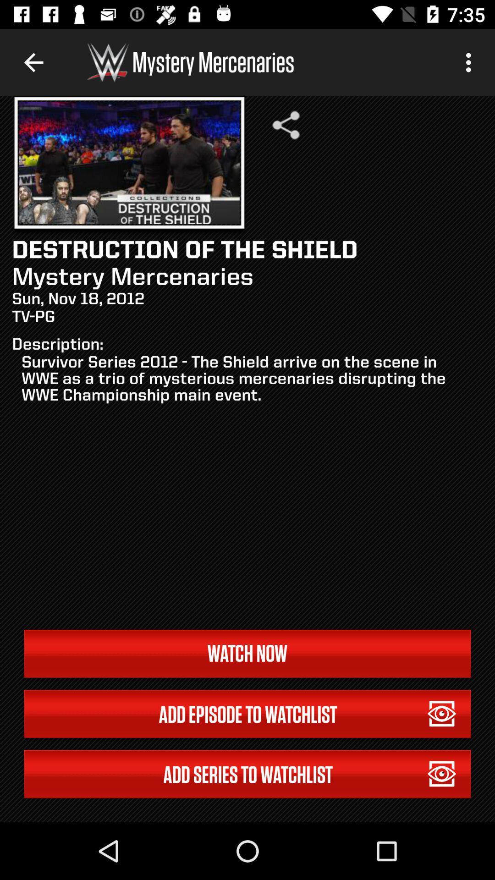  What do you see at coordinates (247, 653) in the screenshot?
I see `the icon below the survivor series 2012 item` at bounding box center [247, 653].